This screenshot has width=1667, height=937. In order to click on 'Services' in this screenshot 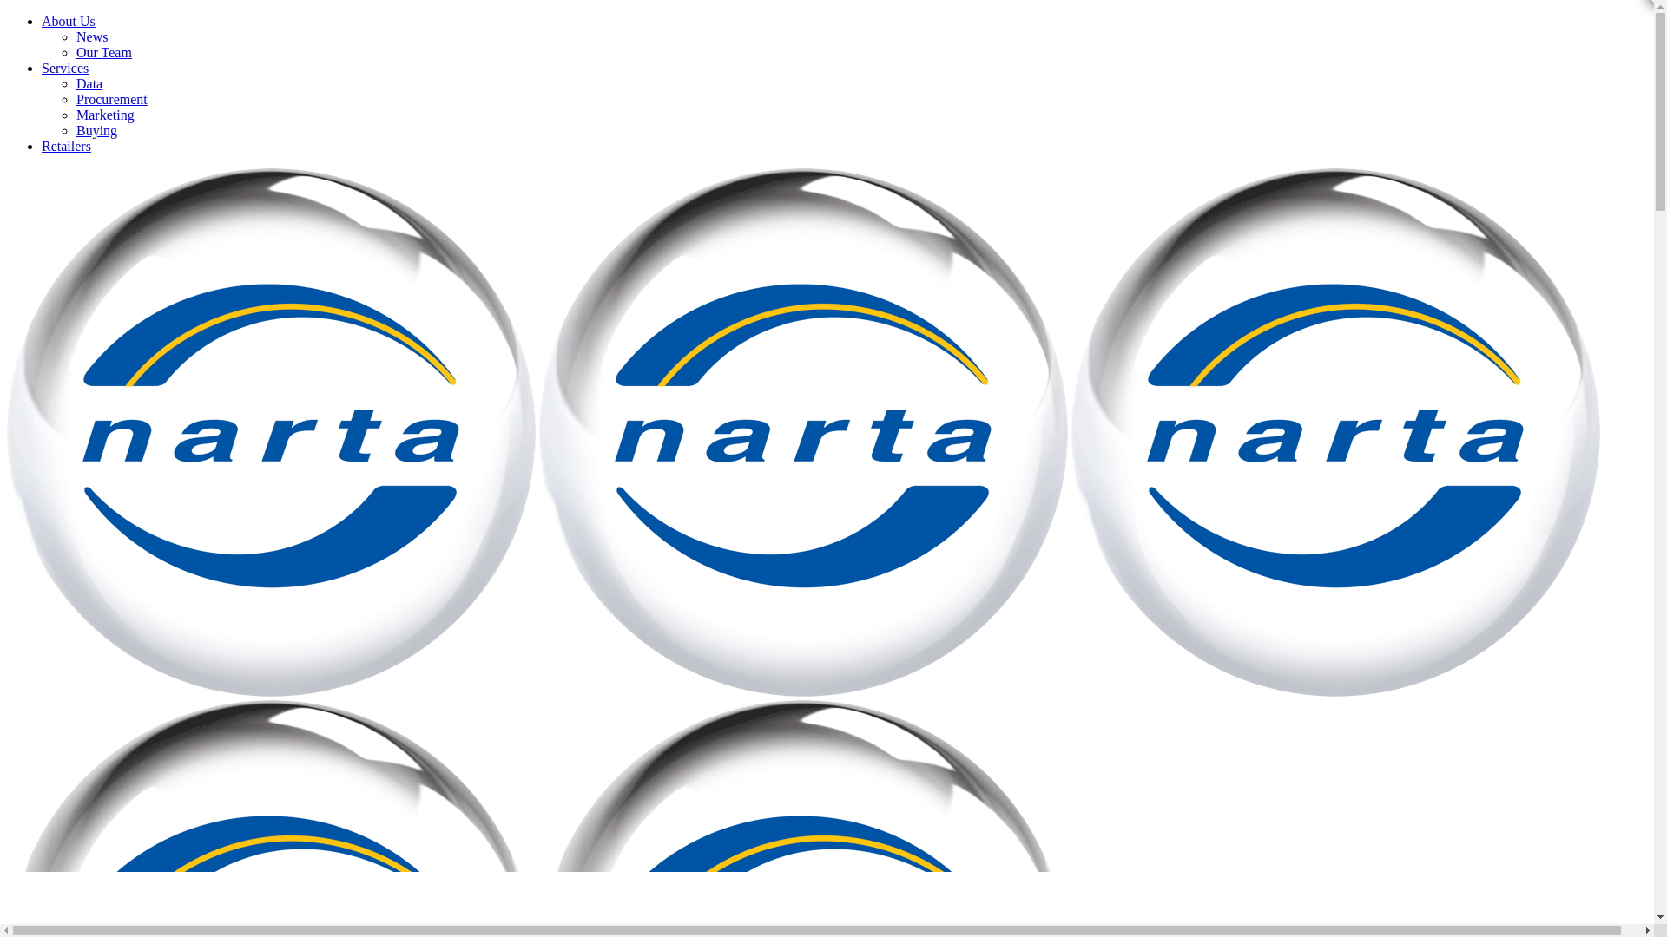, I will do `click(65, 67)`.